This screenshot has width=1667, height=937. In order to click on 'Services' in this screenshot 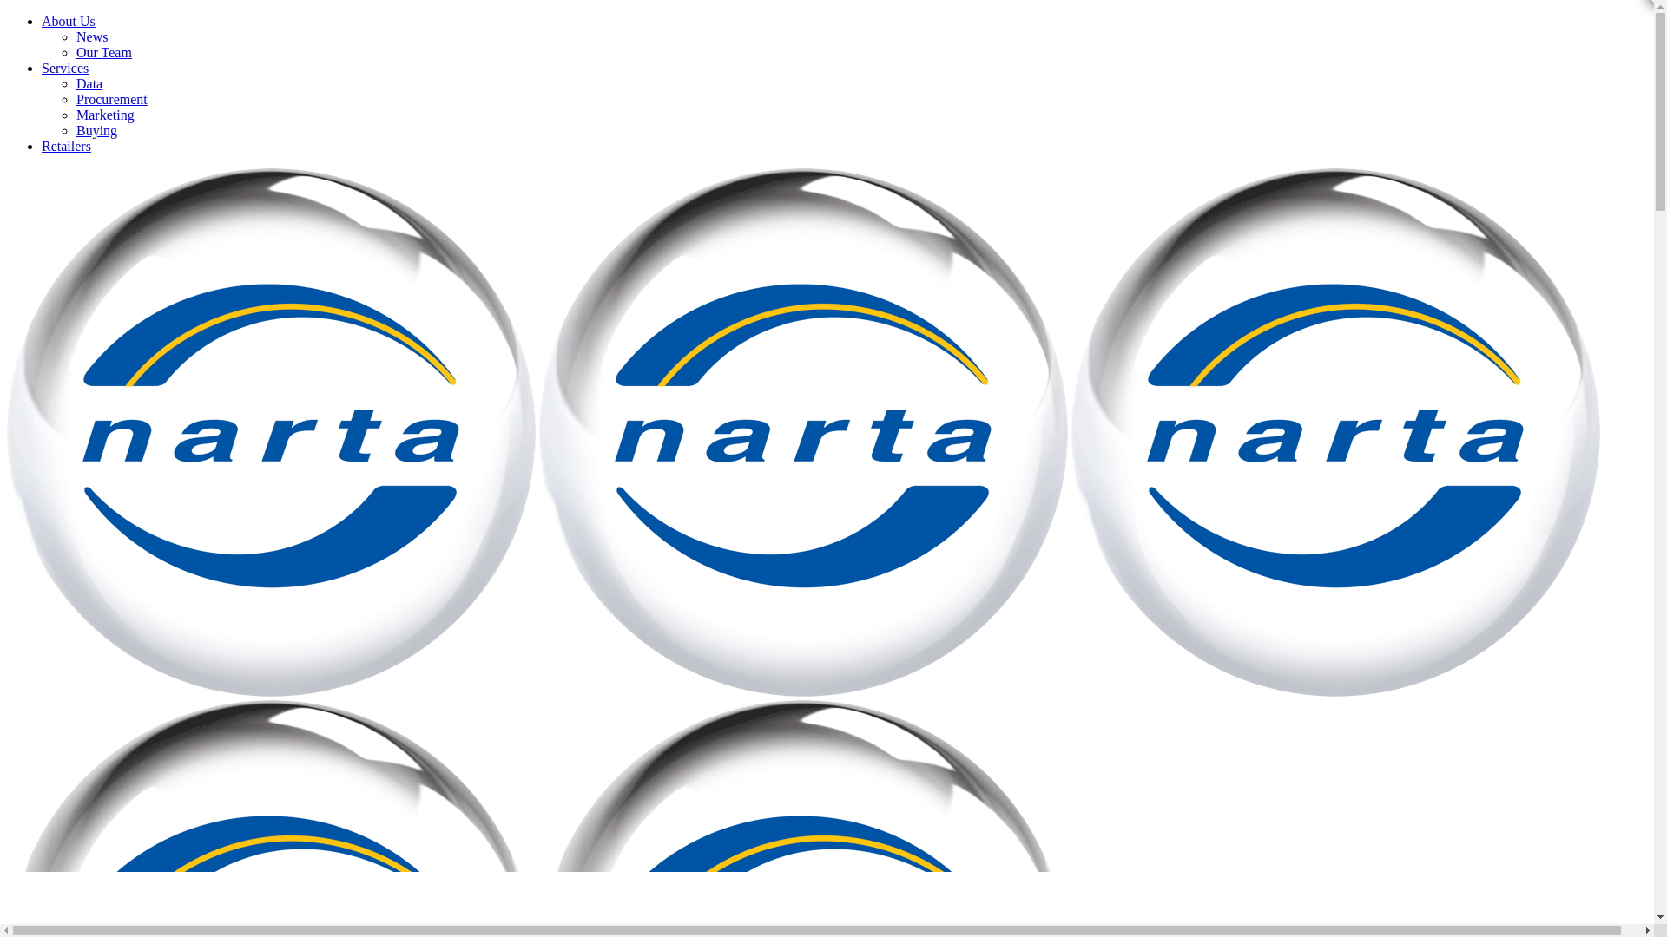, I will do `click(65, 67)`.